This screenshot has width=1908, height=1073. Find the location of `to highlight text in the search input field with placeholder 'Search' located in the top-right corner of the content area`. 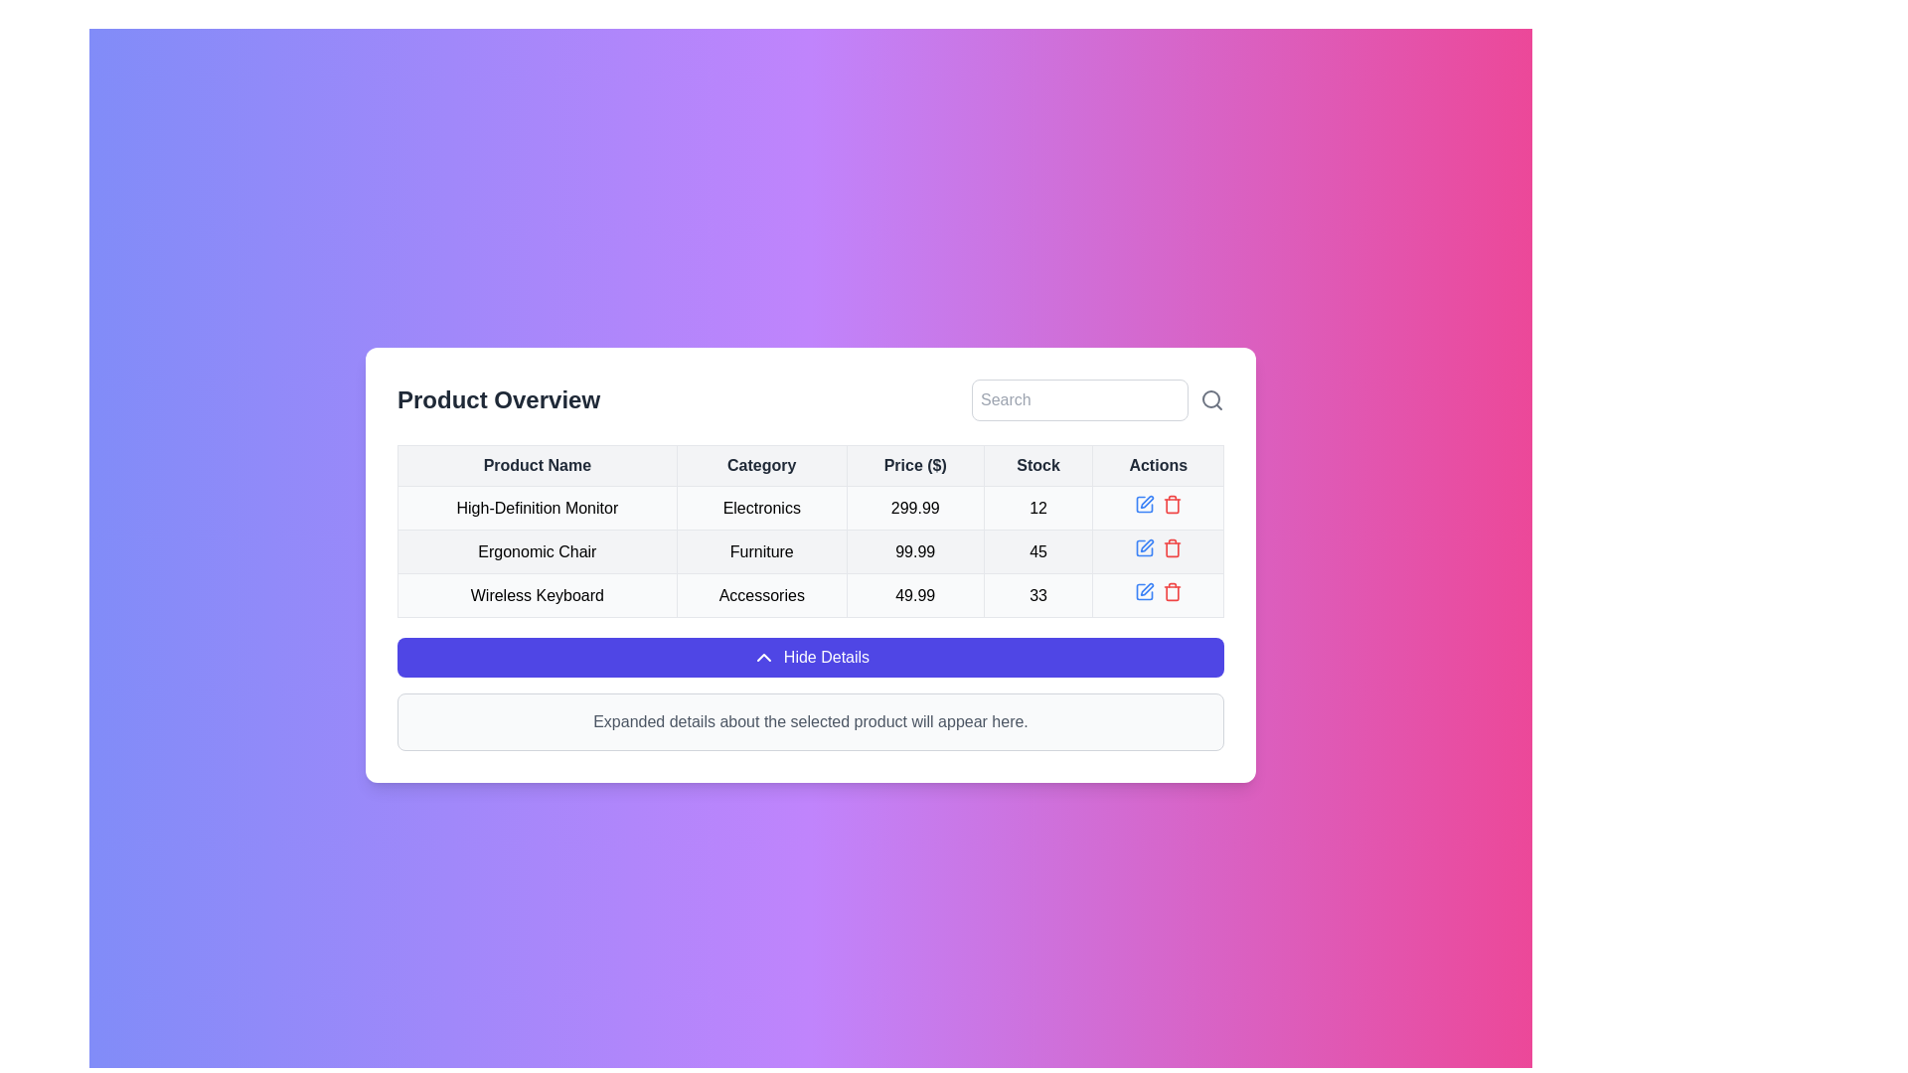

to highlight text in the search input field with placeholder 'Search' located in the top-right corner of the content area is located at coordinates (1078, 399).